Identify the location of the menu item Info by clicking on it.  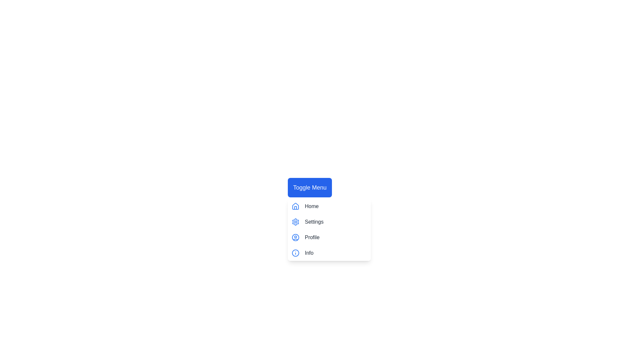
(329, 252).